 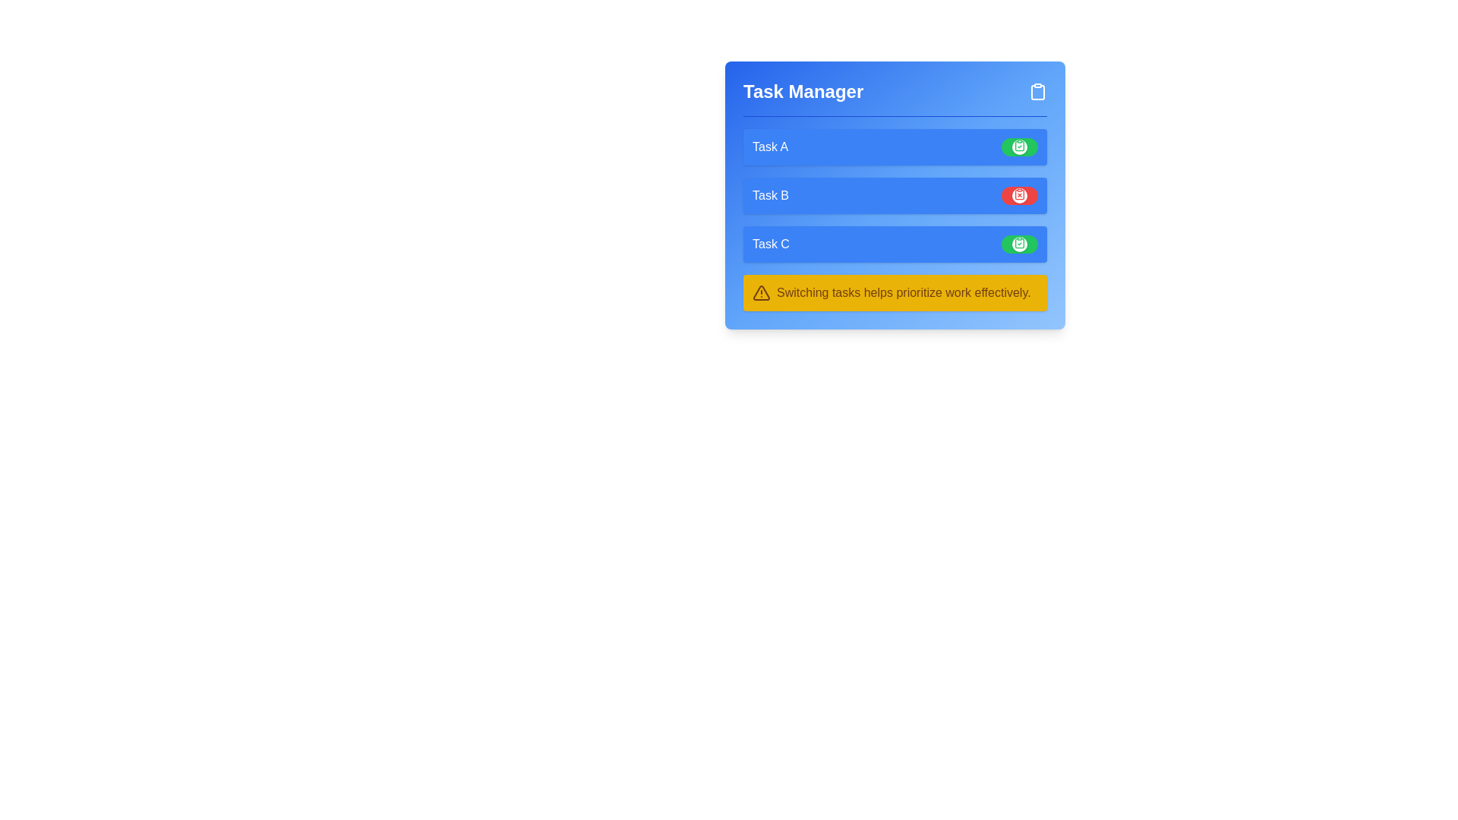 What do you see at coordinates (762, 292) in the screenshot?
I see `the triangular alert icon, which is styled with a yellow base color and a bold black border, located to the left of the message 'Switching tasks helps prioritize work effectively.'` at bounding box center [762, 292].